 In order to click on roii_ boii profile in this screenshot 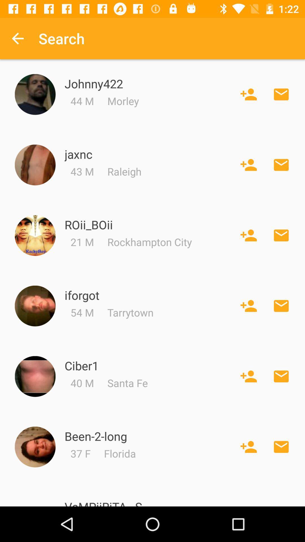, I will do `click(35, 235)`.